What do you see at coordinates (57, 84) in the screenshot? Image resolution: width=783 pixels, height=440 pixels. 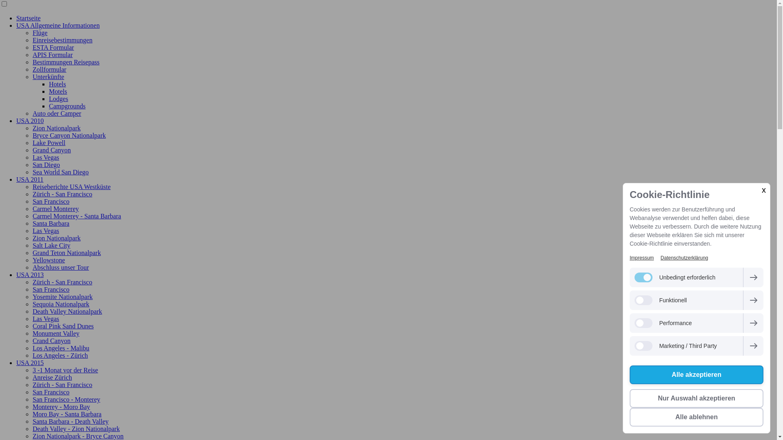 I see `'Hotels'` at bounding box center [57, 84].